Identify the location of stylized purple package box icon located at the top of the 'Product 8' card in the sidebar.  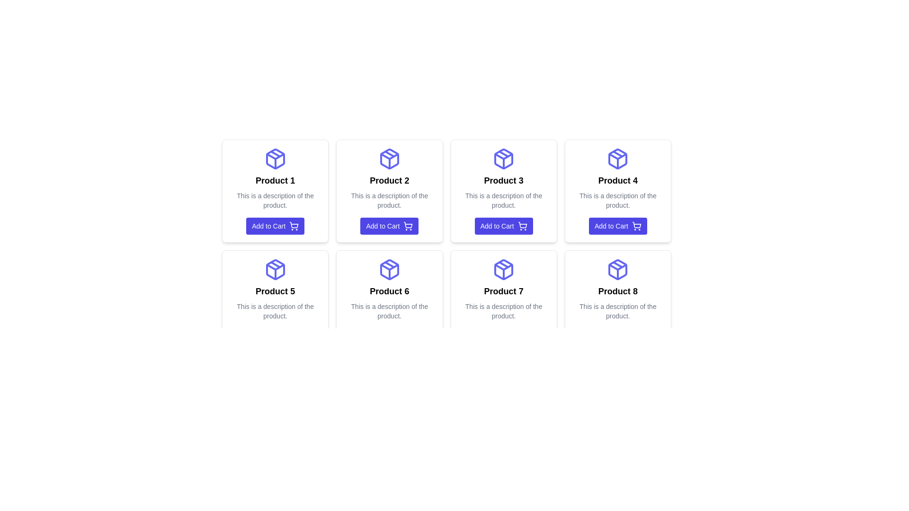
(618, 270).